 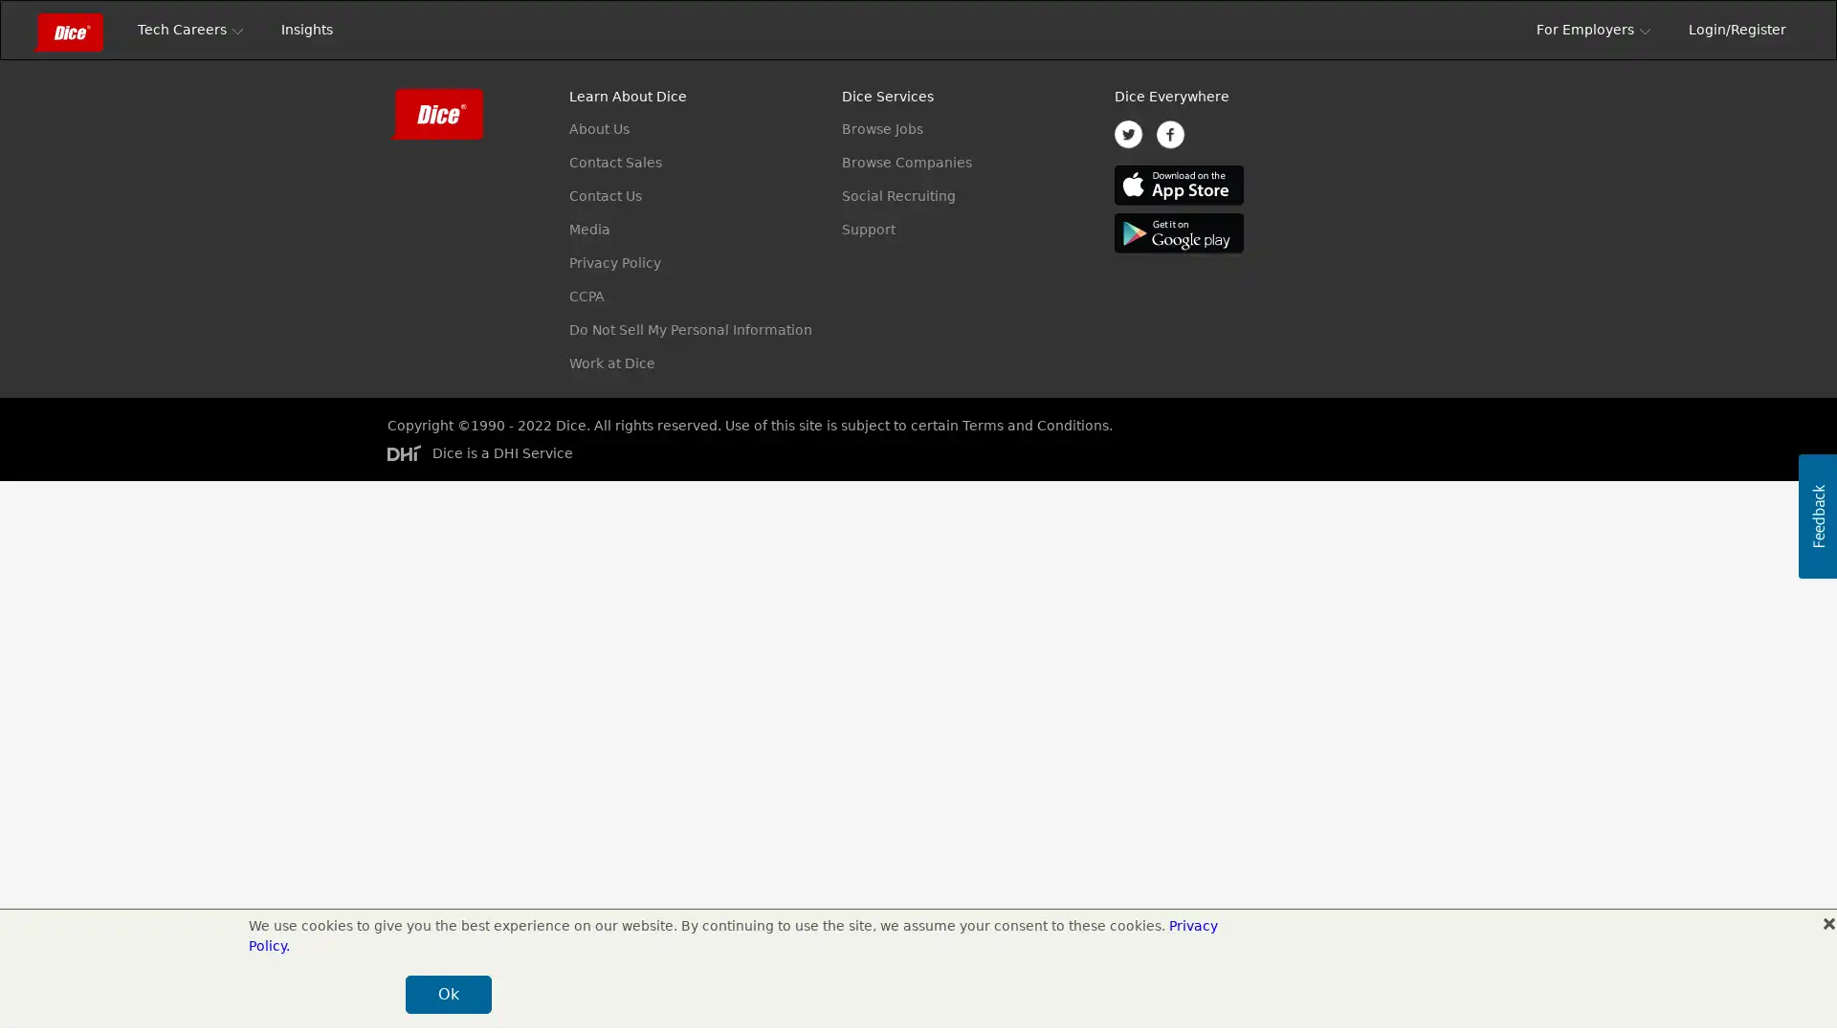 What do you see at coordinates (1386, 994) in the screenshot?
I see `Ok` at bounding box center [1386, 994].